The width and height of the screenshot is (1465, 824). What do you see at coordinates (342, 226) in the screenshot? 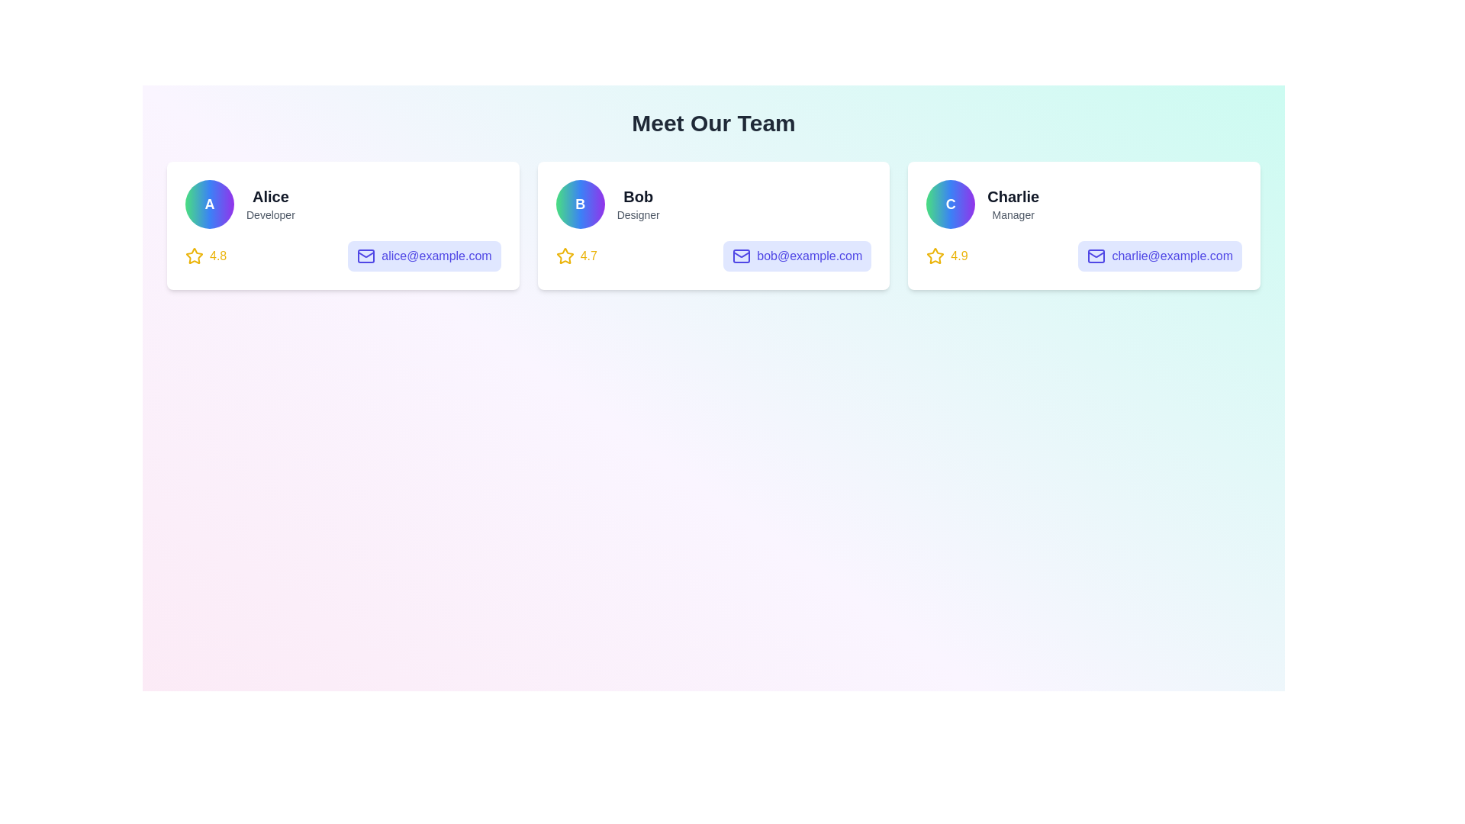
I see `textual information displayed in the first team member's profile card, which includes the member's name, role, rating, and email address` at bounding box center [342, 226].